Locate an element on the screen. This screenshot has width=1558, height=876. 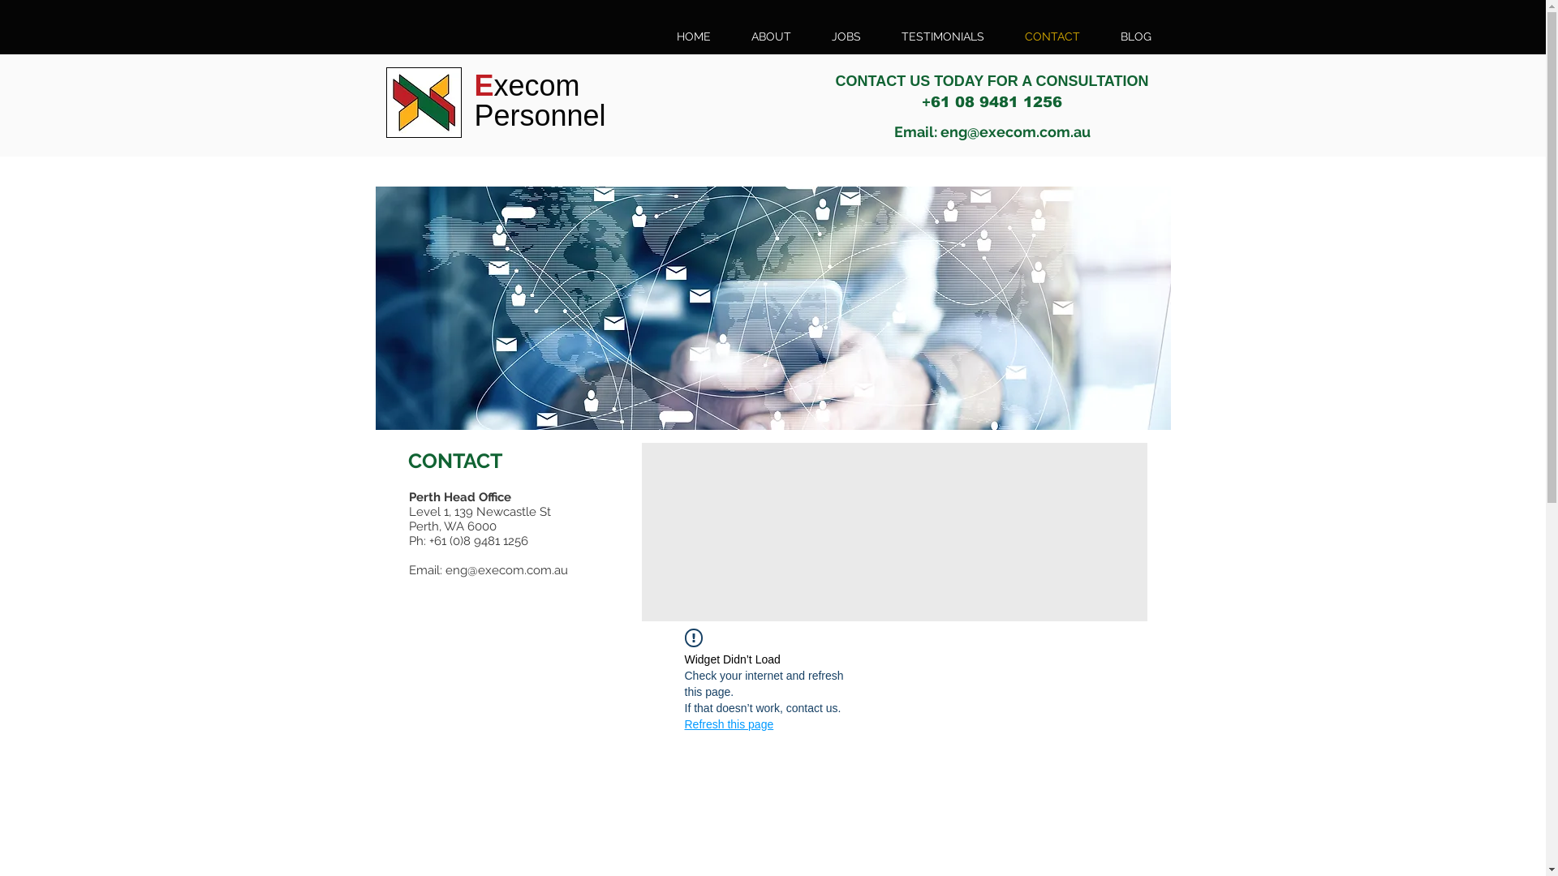
'JOBS' is located at coordinates (845, 36).